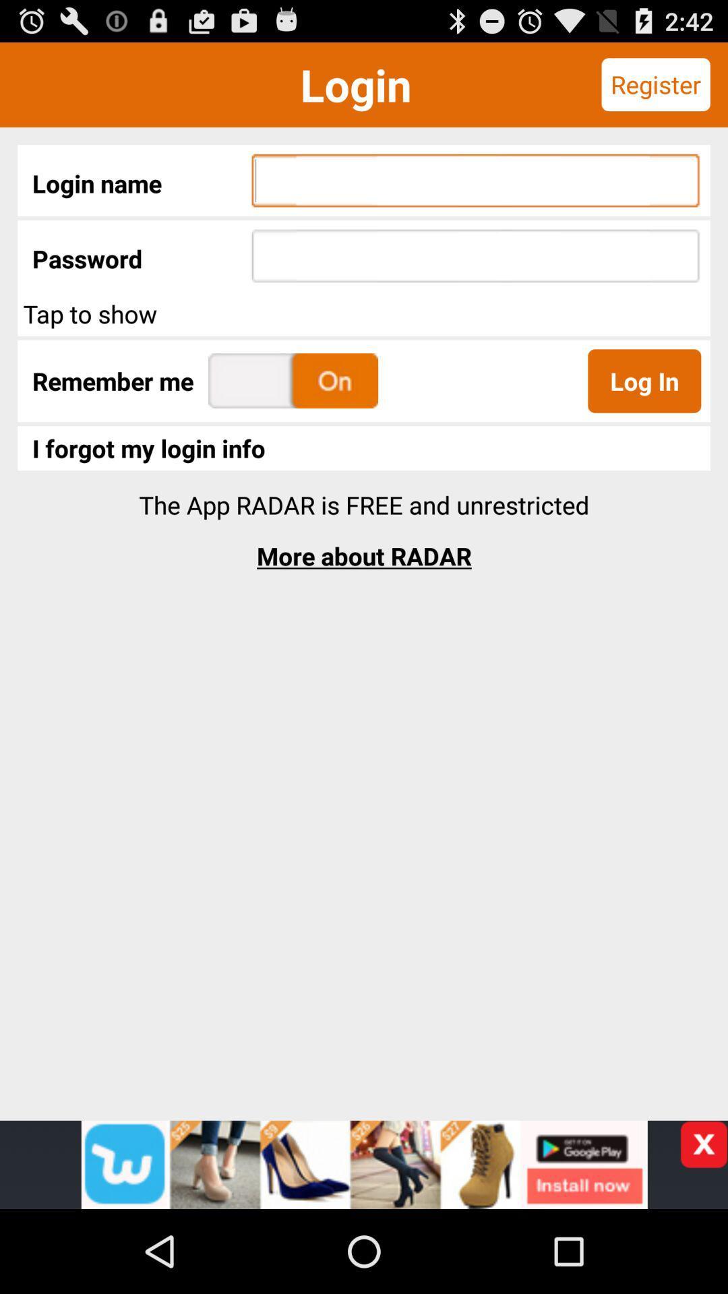 The image size is (728, 1294). Describe the element at coordinates (364, 313) in the screenshot. I see `the button tap to show on the web page` at that location.